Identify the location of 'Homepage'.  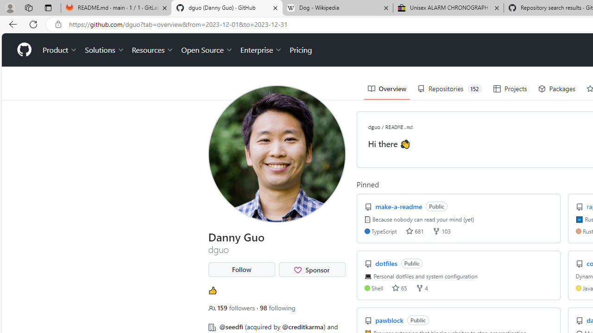
(24, 50).